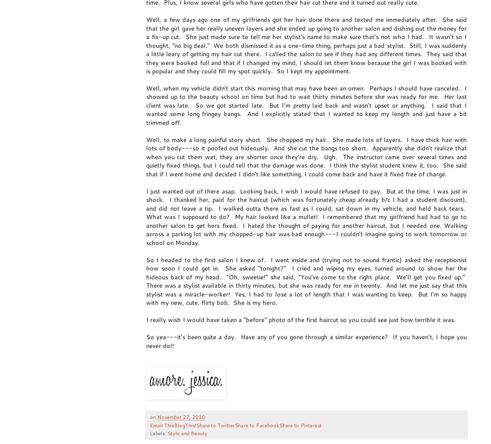 The height and width of the screenshot is (444, 491). I want to click on 'Style and Beauty', so click(167, 433).